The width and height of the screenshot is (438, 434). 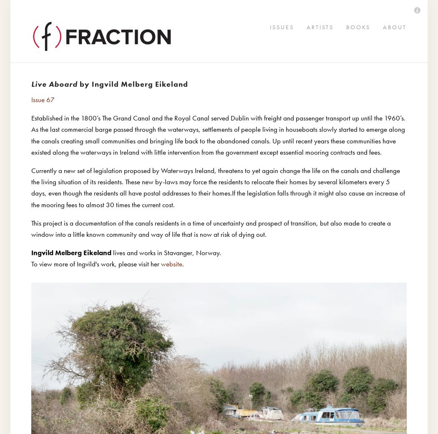 I want to click on 'Ingvild Melberg Eikeland', so click(x=71, y=252).